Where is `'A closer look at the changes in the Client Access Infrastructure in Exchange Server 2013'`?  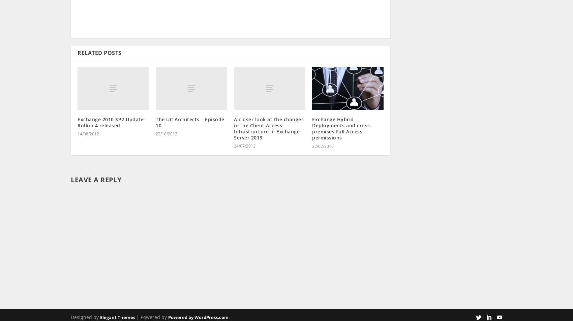
'A closer look at the changes in the Client Access Infrastructure in Exchange Server 2013' is located at coordinates (268, 116).